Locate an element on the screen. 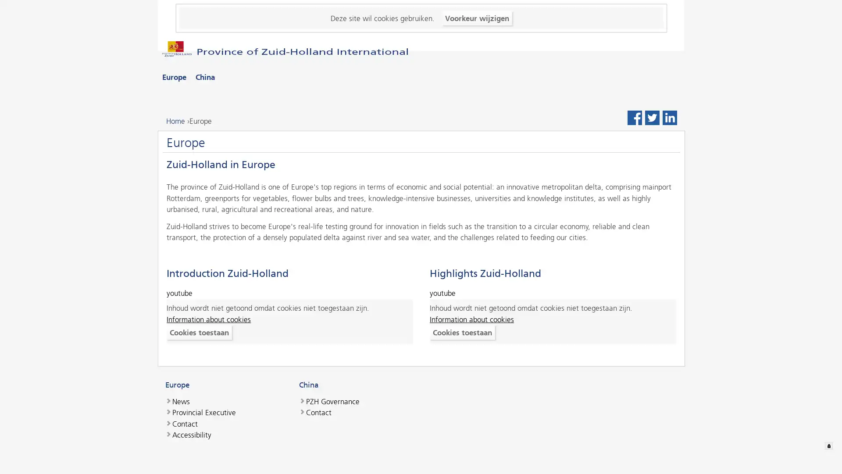 This screenshot has height=474, width=842. Voorkeur wijzigen is located at coordinates (476, 18).